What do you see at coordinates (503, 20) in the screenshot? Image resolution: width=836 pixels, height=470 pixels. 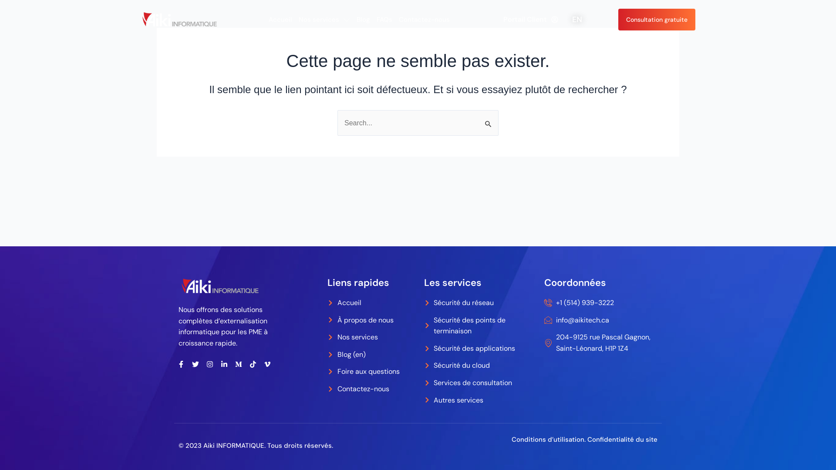 I see `'Portail Client'` at bounding box center [503, 20].